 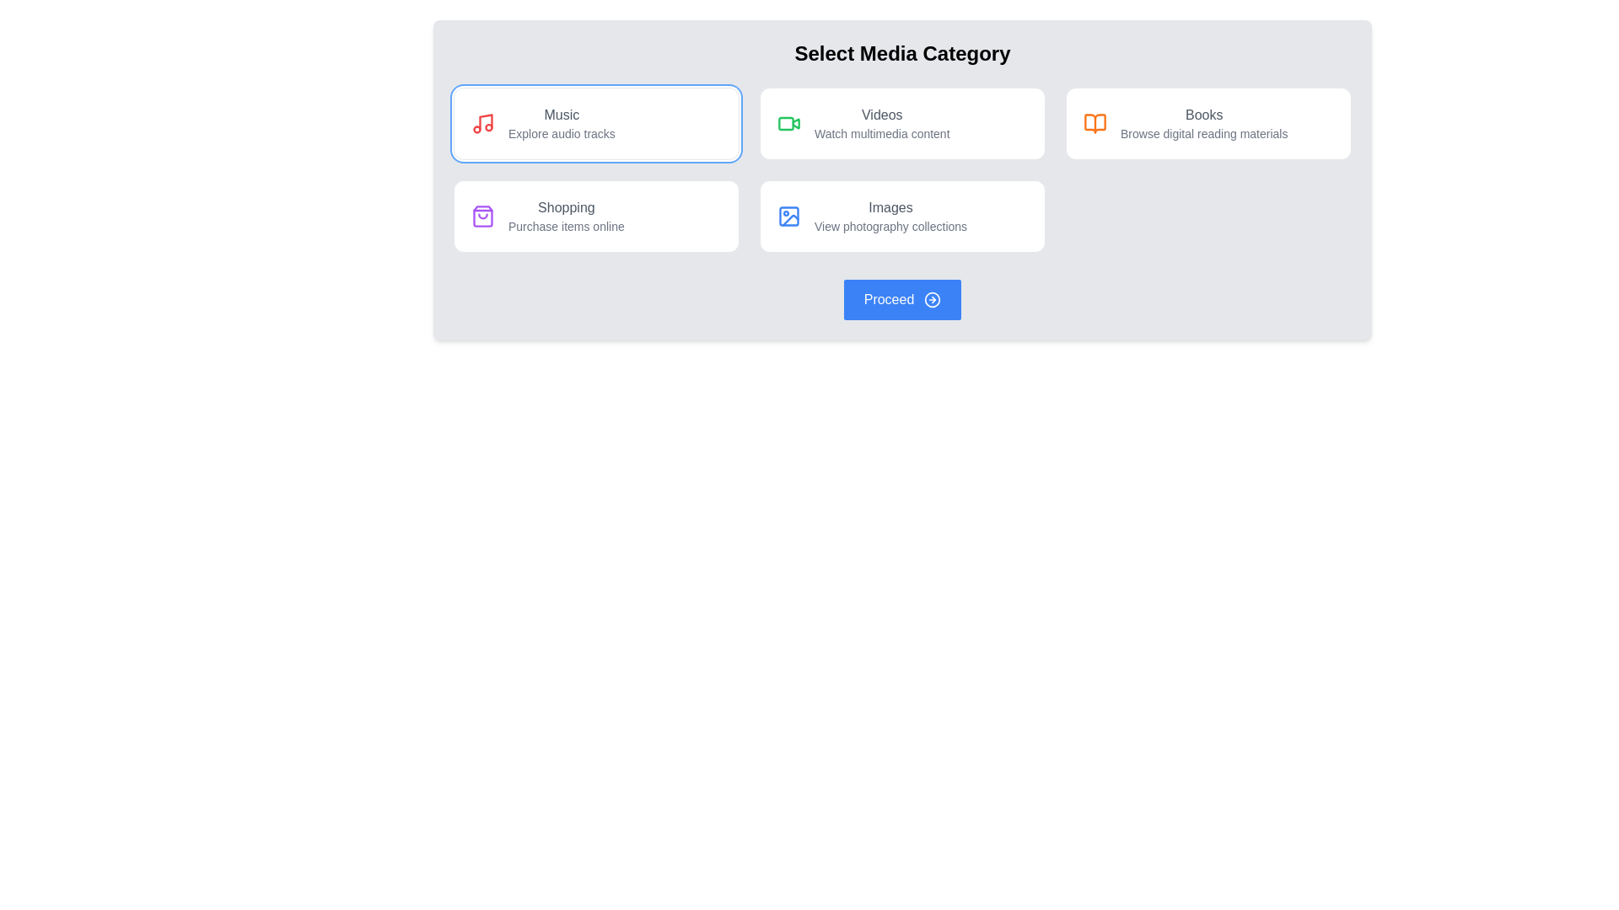 What do you see at coordinates (562, 115) in the screenshot?
I see `the 'Music' category title text label, which helps users identify the section for exploring audio tracks in the central menu` at bounding box center [562, 115].